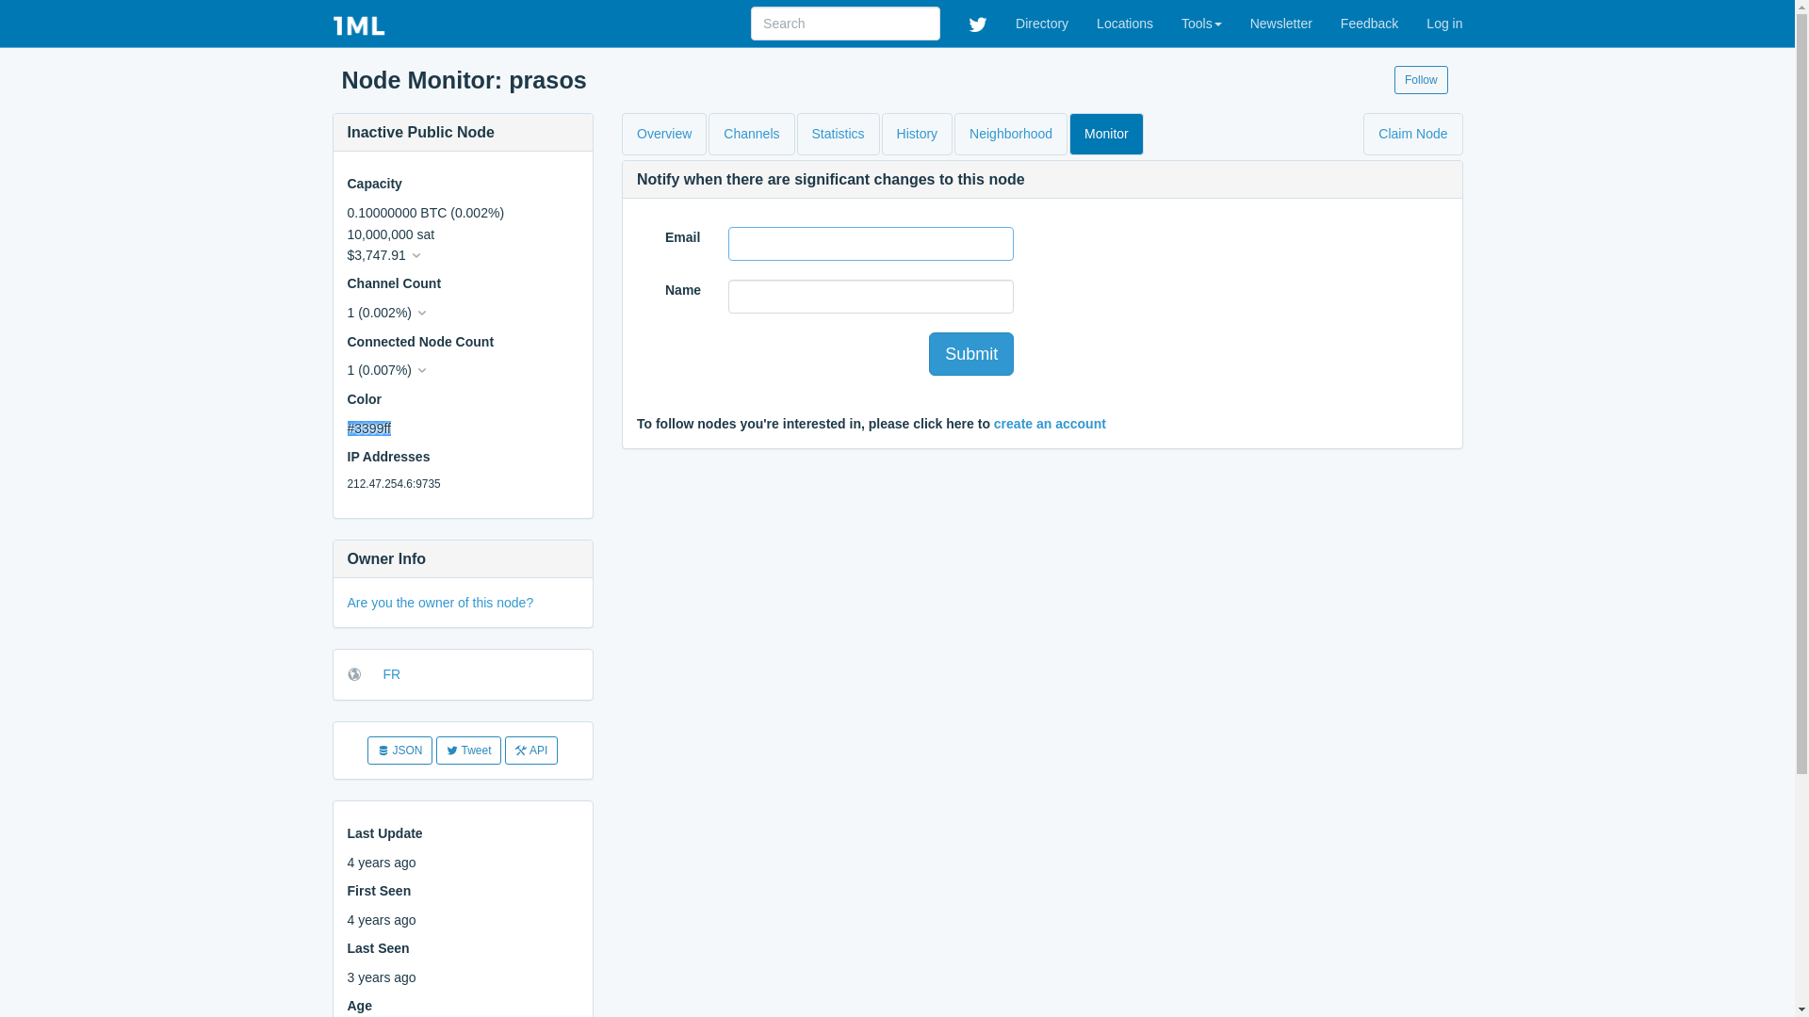 Image resolution: width=1809 pixels, height=1017 pixels. I want to click on 'Monitor', so click(1106, 133).